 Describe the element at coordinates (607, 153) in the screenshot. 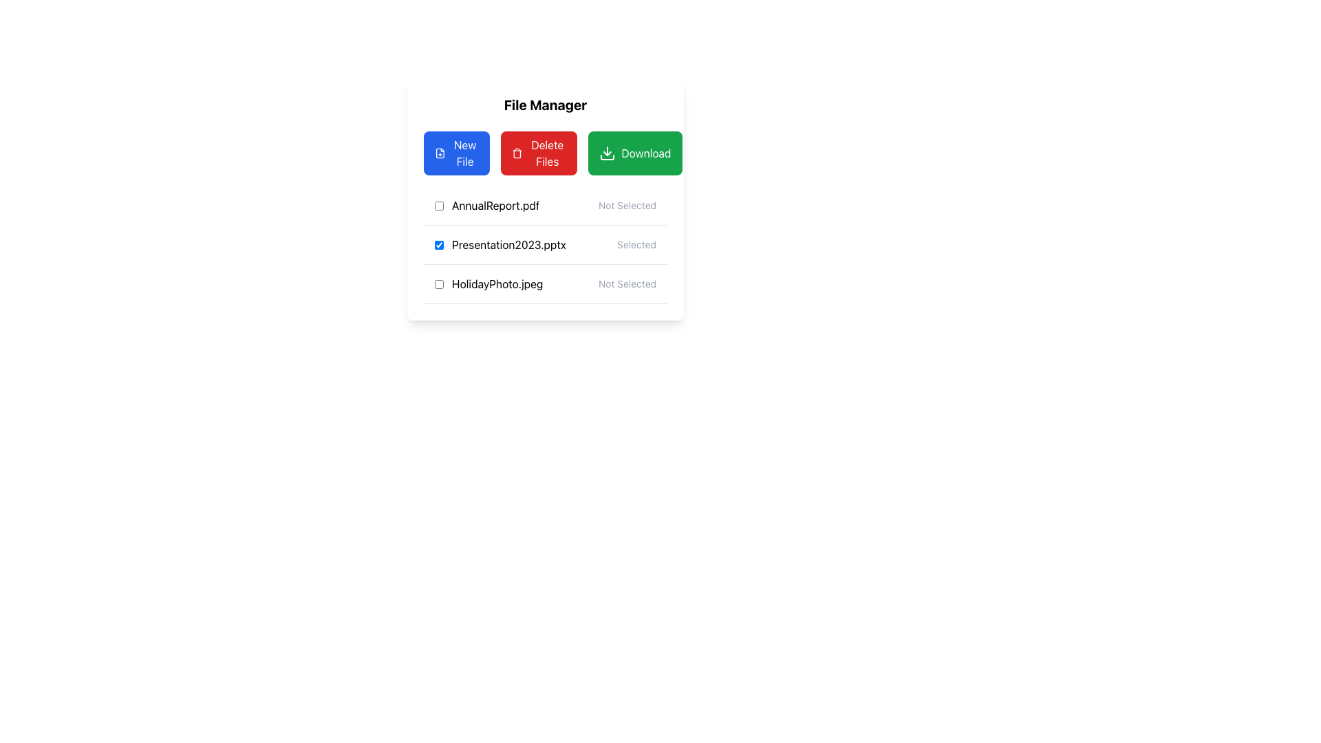

I see `the download icon, which features a downward arrow within a green button labeled 'Download', located in the top-right corner of the 'File Manager' panel` at that location.